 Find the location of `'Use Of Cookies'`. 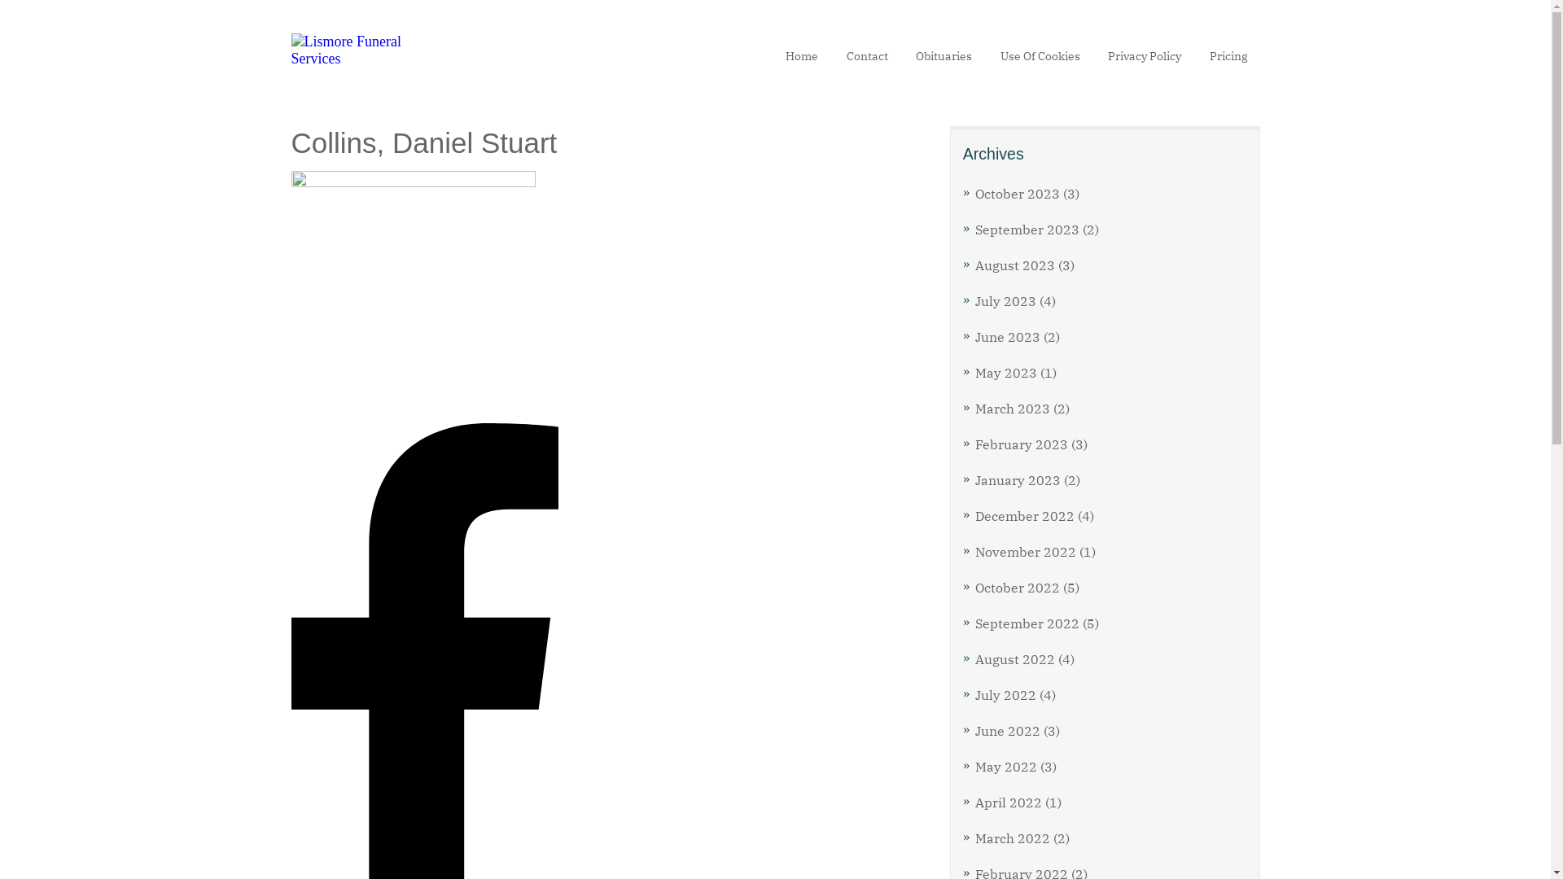

'Use Of Cookies' is located at coordinates (1038, 55).